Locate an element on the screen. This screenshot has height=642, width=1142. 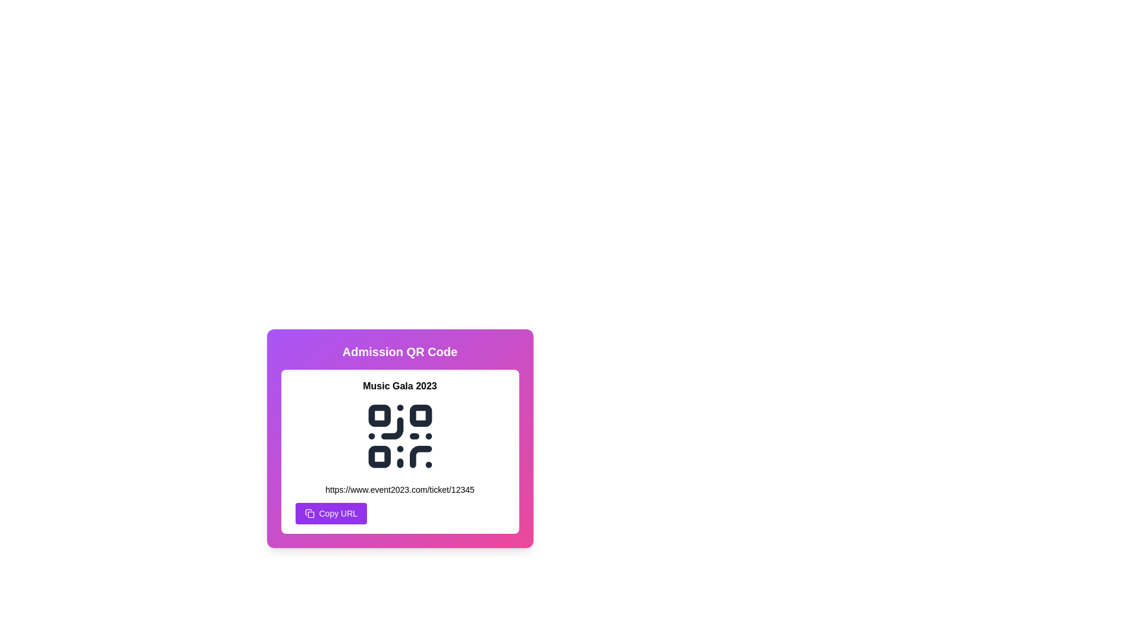
the truncated URL text displayed in a smaller font at the bottom section of the card interface, located centrally beneath the QR code and above the 'Copy URL' button is located at coordinates (400, 490).